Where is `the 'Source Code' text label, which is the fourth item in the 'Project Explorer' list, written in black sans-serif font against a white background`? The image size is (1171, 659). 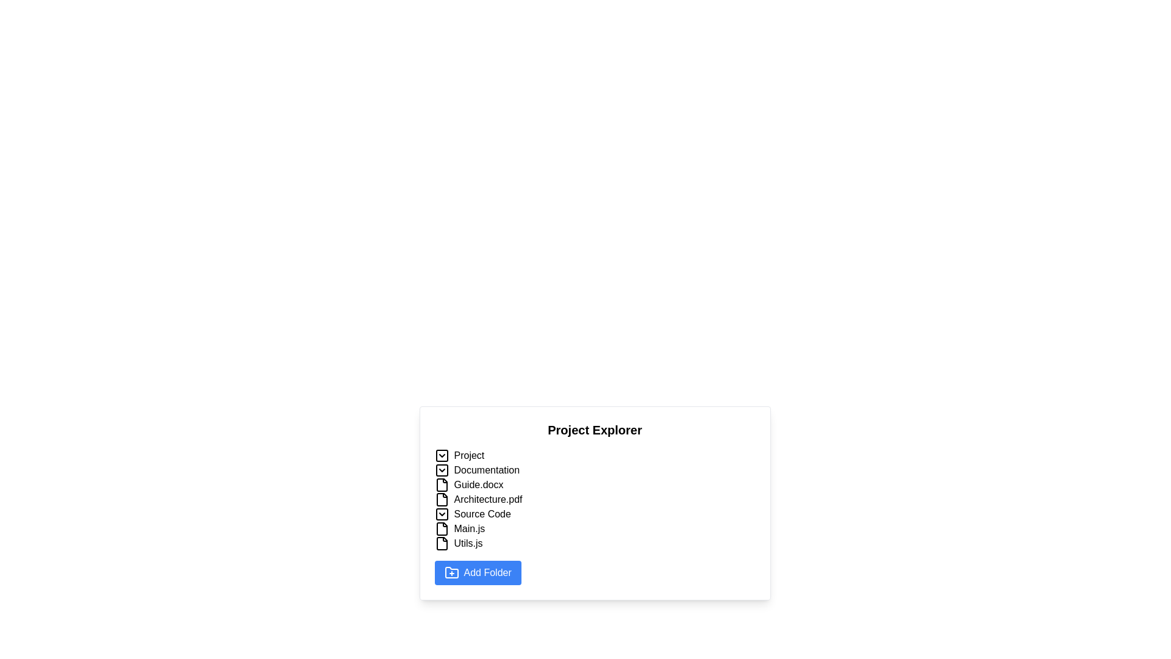
the 'Source Code' text label, which is the fourth item in the 'Project Explorer' list, written in black sans-serif font against a white background is located at coordinates (482, 514).